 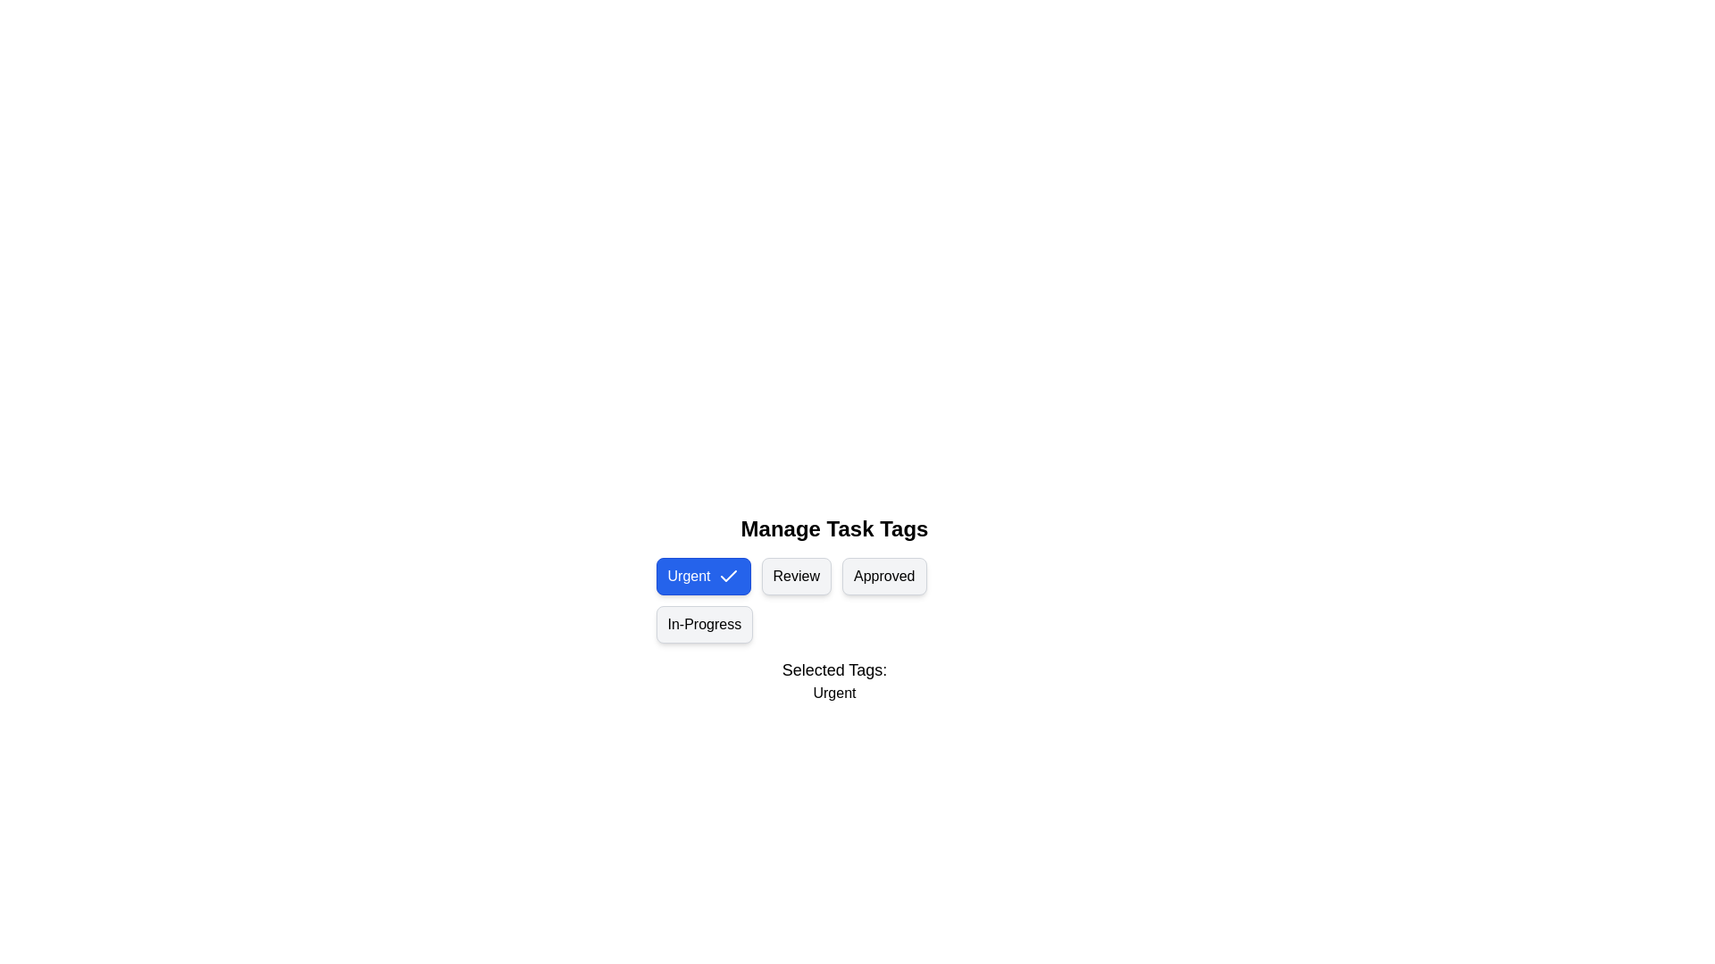 I want to click on the tag chip labeled Approved to toggle its selection state, so click(x=884, y=576).